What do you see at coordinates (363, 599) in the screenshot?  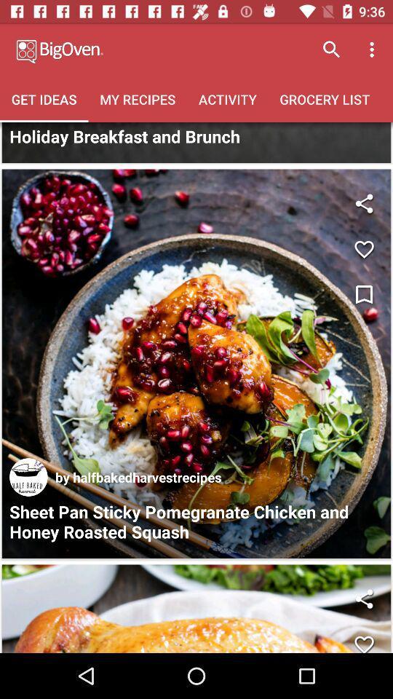 I see `share` at bounding box center [363, 599].